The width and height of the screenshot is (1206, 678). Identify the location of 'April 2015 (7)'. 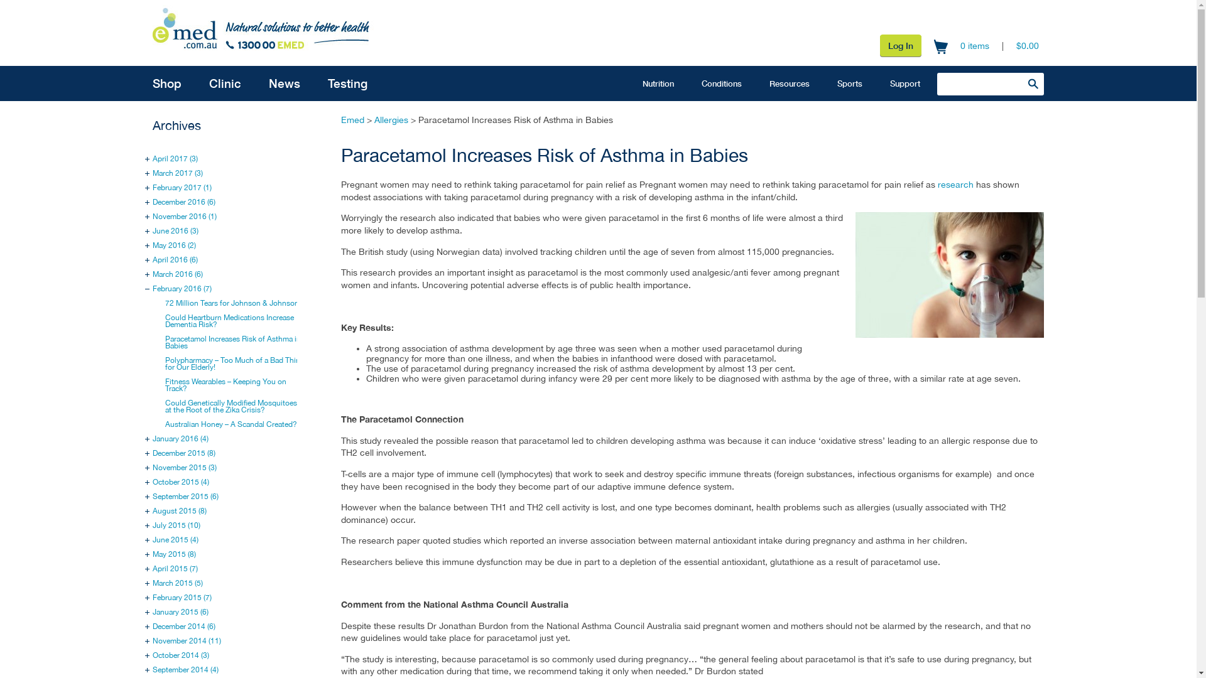
(174, 569).